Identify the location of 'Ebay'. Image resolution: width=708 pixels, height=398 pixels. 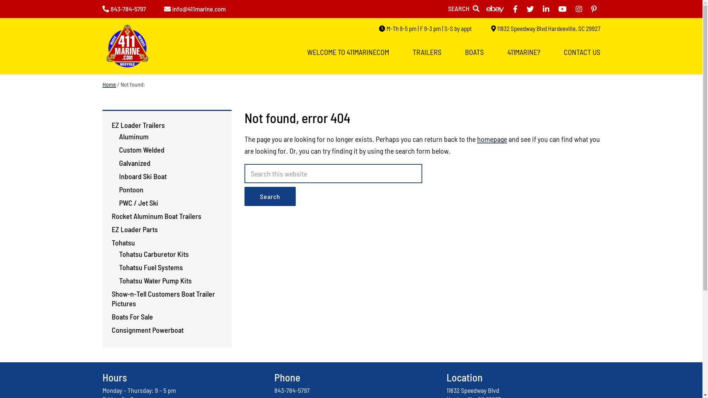
(486, 9).